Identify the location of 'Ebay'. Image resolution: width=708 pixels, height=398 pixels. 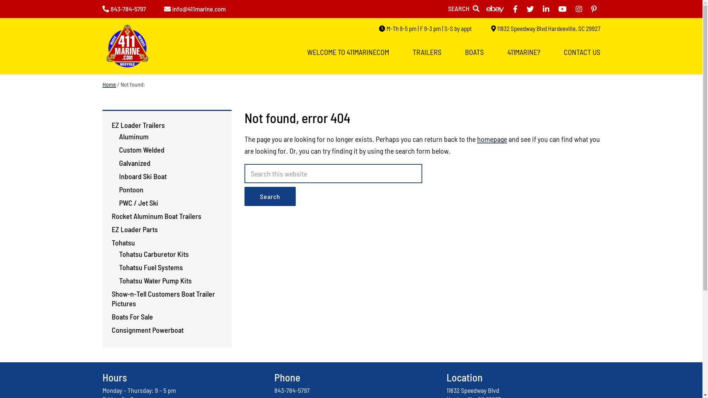
(486, 9).